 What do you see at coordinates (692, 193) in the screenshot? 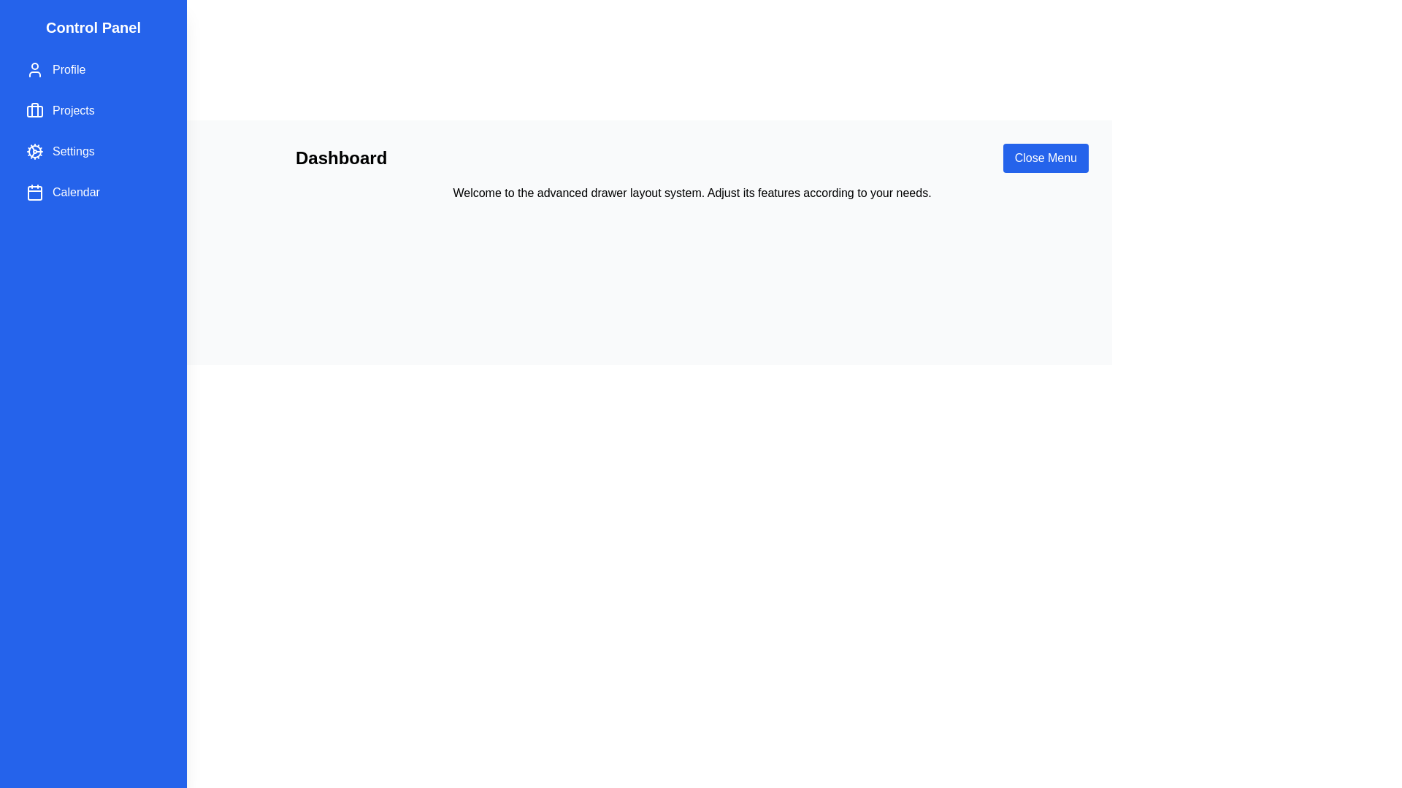
I see `the text block that says 'Welcome to the advanced drawer layout system. Adjust its features according to your needs.' positioned centrally below the 'Dashboard' header` at bounding box center [692, 193].